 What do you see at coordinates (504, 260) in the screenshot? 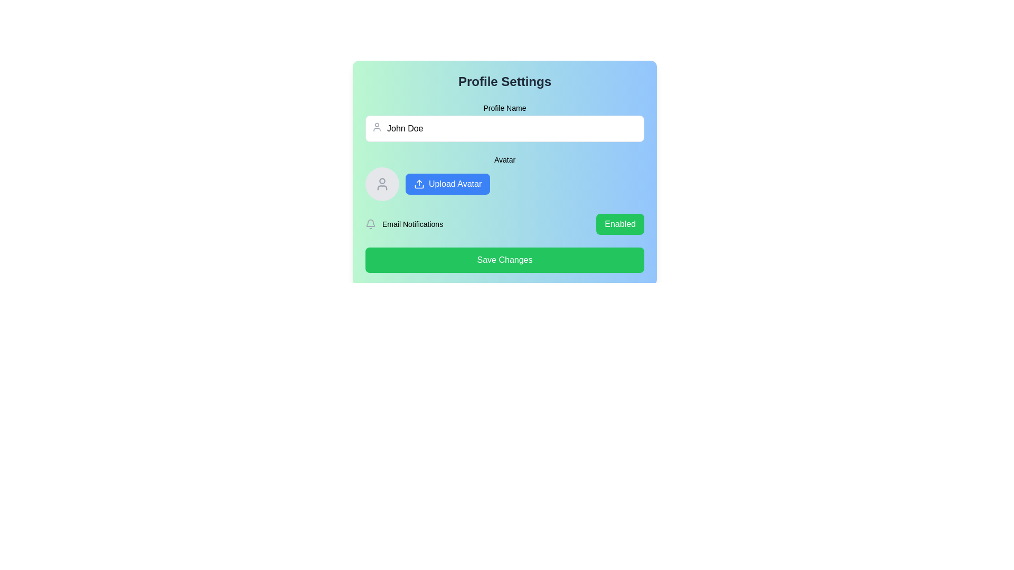
I see `the 'Save Changes' button located at the bottom of the 'Profile Settings' section, directly beneath 'Email Notifications', to apply and save the changes made to the profile settings` at bounding box center [504, 260].